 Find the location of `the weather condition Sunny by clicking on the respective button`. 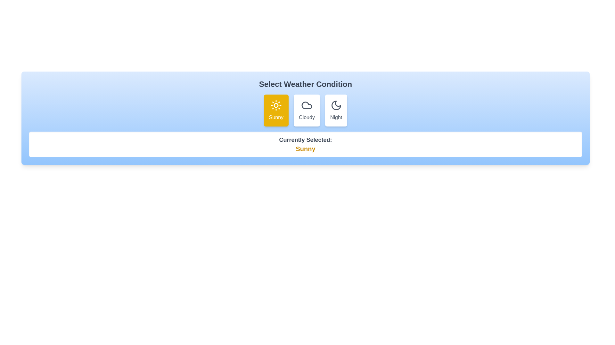

the weather condition Sunny by clicking on the respective button is located at coordinates (276, 110).